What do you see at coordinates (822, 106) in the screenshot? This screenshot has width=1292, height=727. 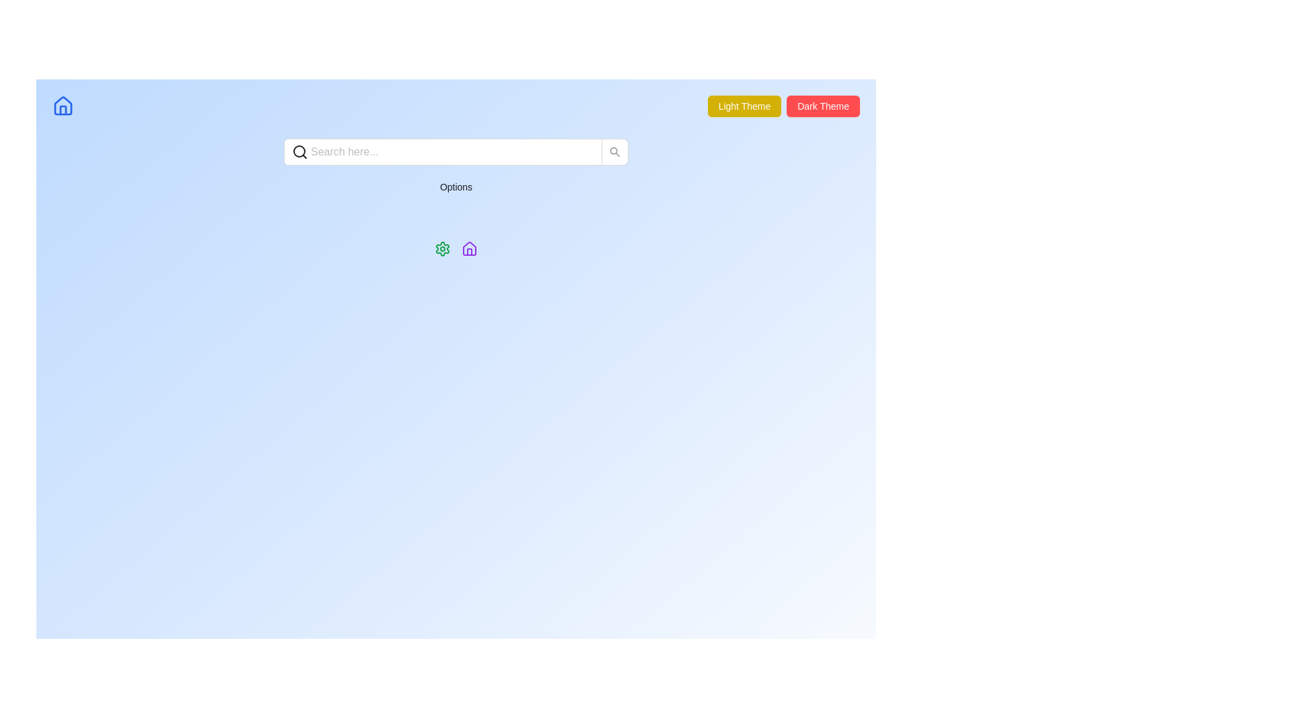 I see `the rectangular button with a red background and white text reading 'Dark Theme' located in the top-right corner of the interface` at bounding box center [822, 106].